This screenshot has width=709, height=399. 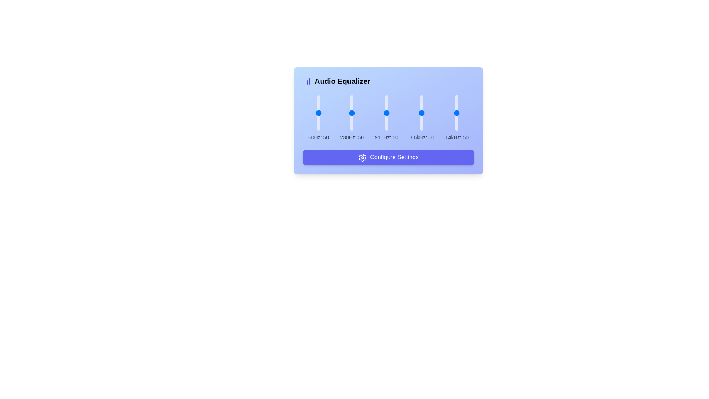 What do you see at coordinates (352, 105) in the screenshot?
I see `the 230Hz band value` at bounding box center [352, 105].